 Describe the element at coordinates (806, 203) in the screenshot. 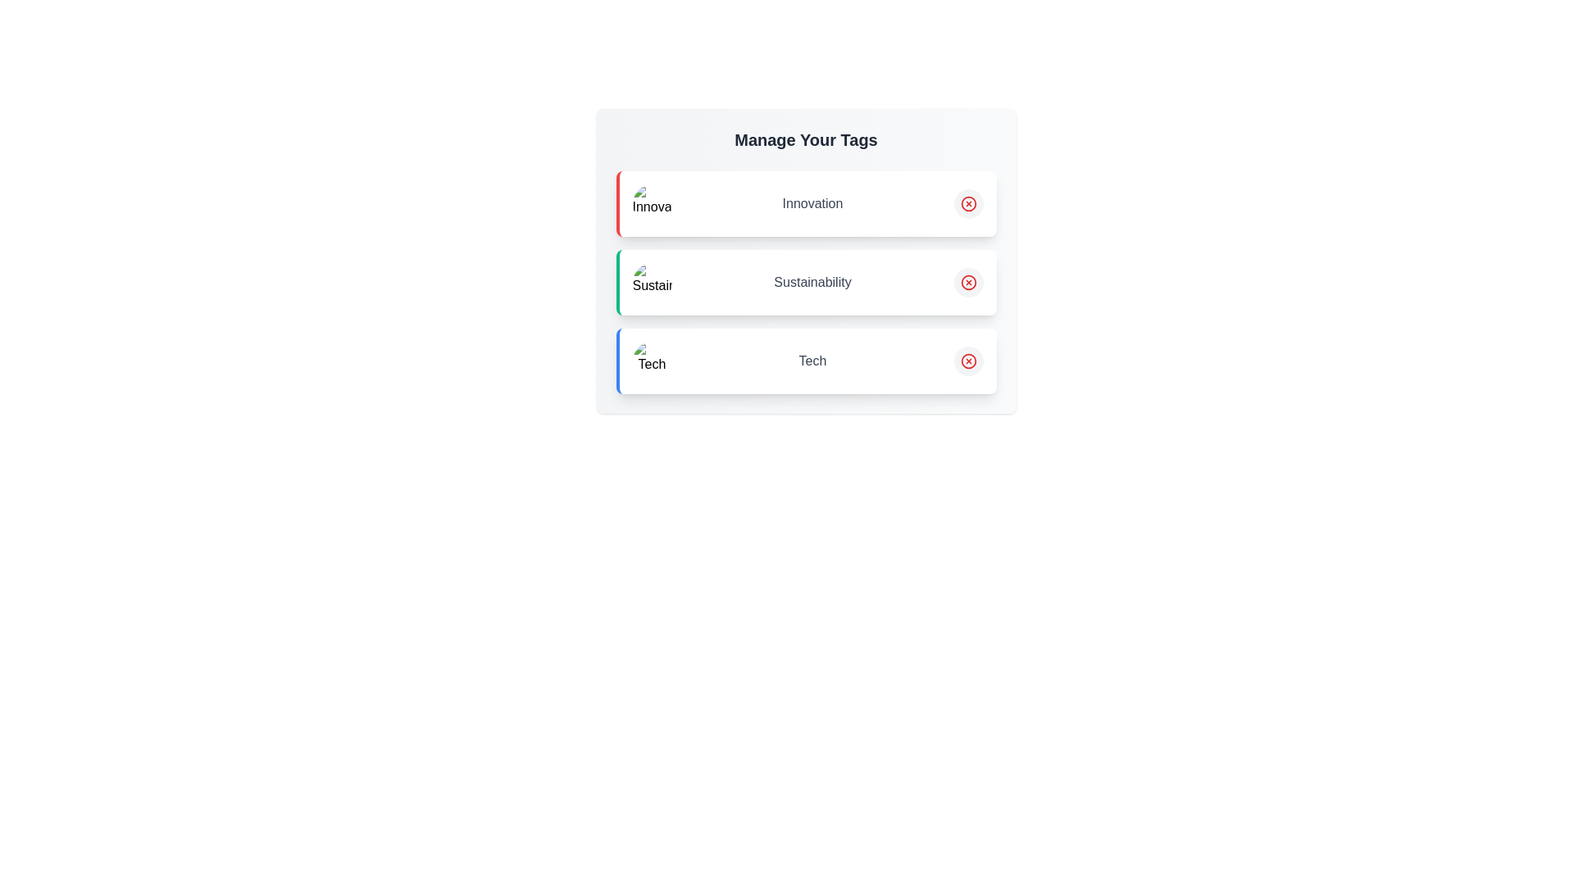

I see `the tag item Innovation to observe its hover effect` at that location.